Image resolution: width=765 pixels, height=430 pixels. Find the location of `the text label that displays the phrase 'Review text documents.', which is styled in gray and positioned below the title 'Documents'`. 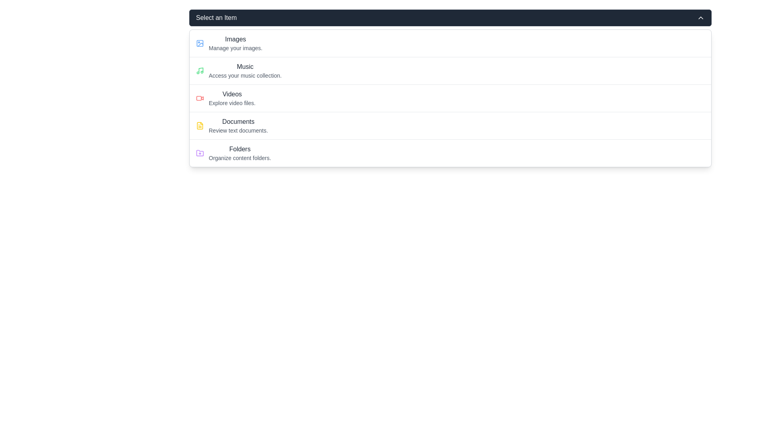

the text label that displays the phrase 'Review text documents.', which is styled in gray and positioned below the title 'Documents' is located at coordinates (238, 130).